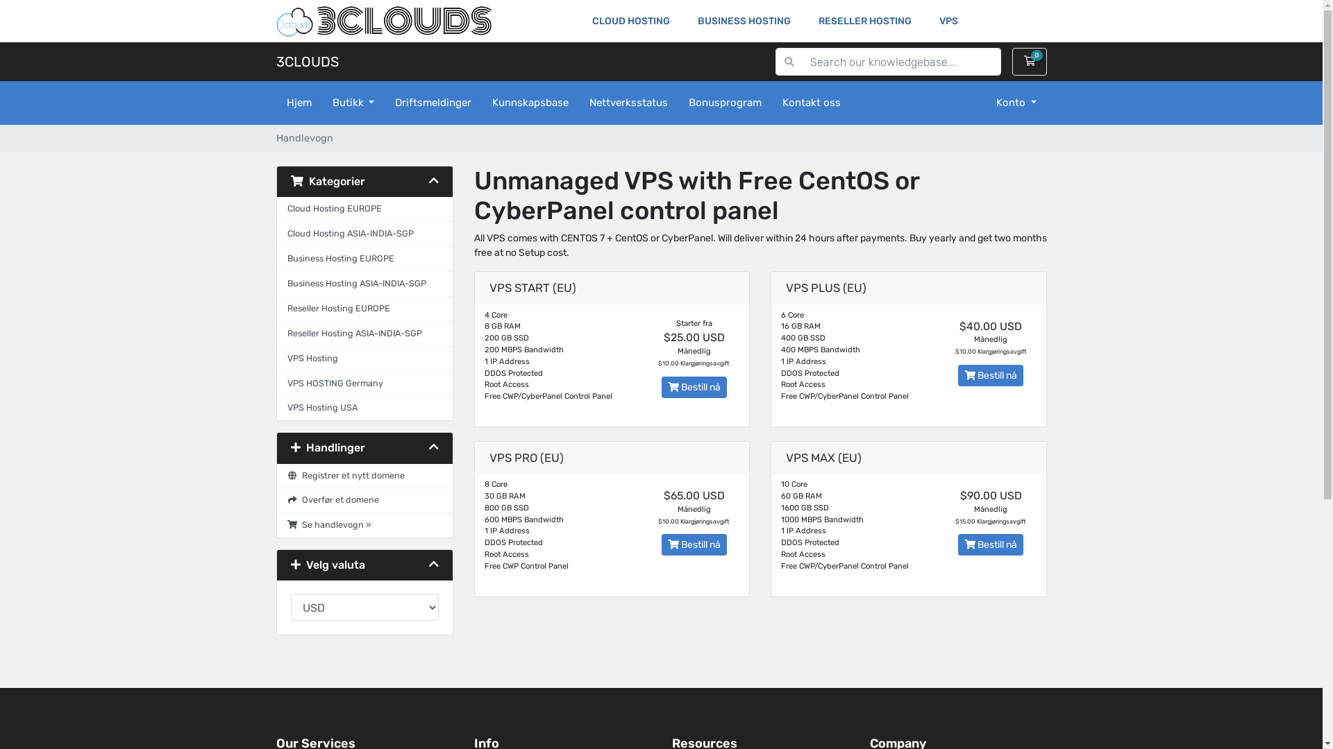 This screenshot has width=1333, height=749. Describe the element at coordinates (1030, 60) in the screenshot. I see `'0` at that location.